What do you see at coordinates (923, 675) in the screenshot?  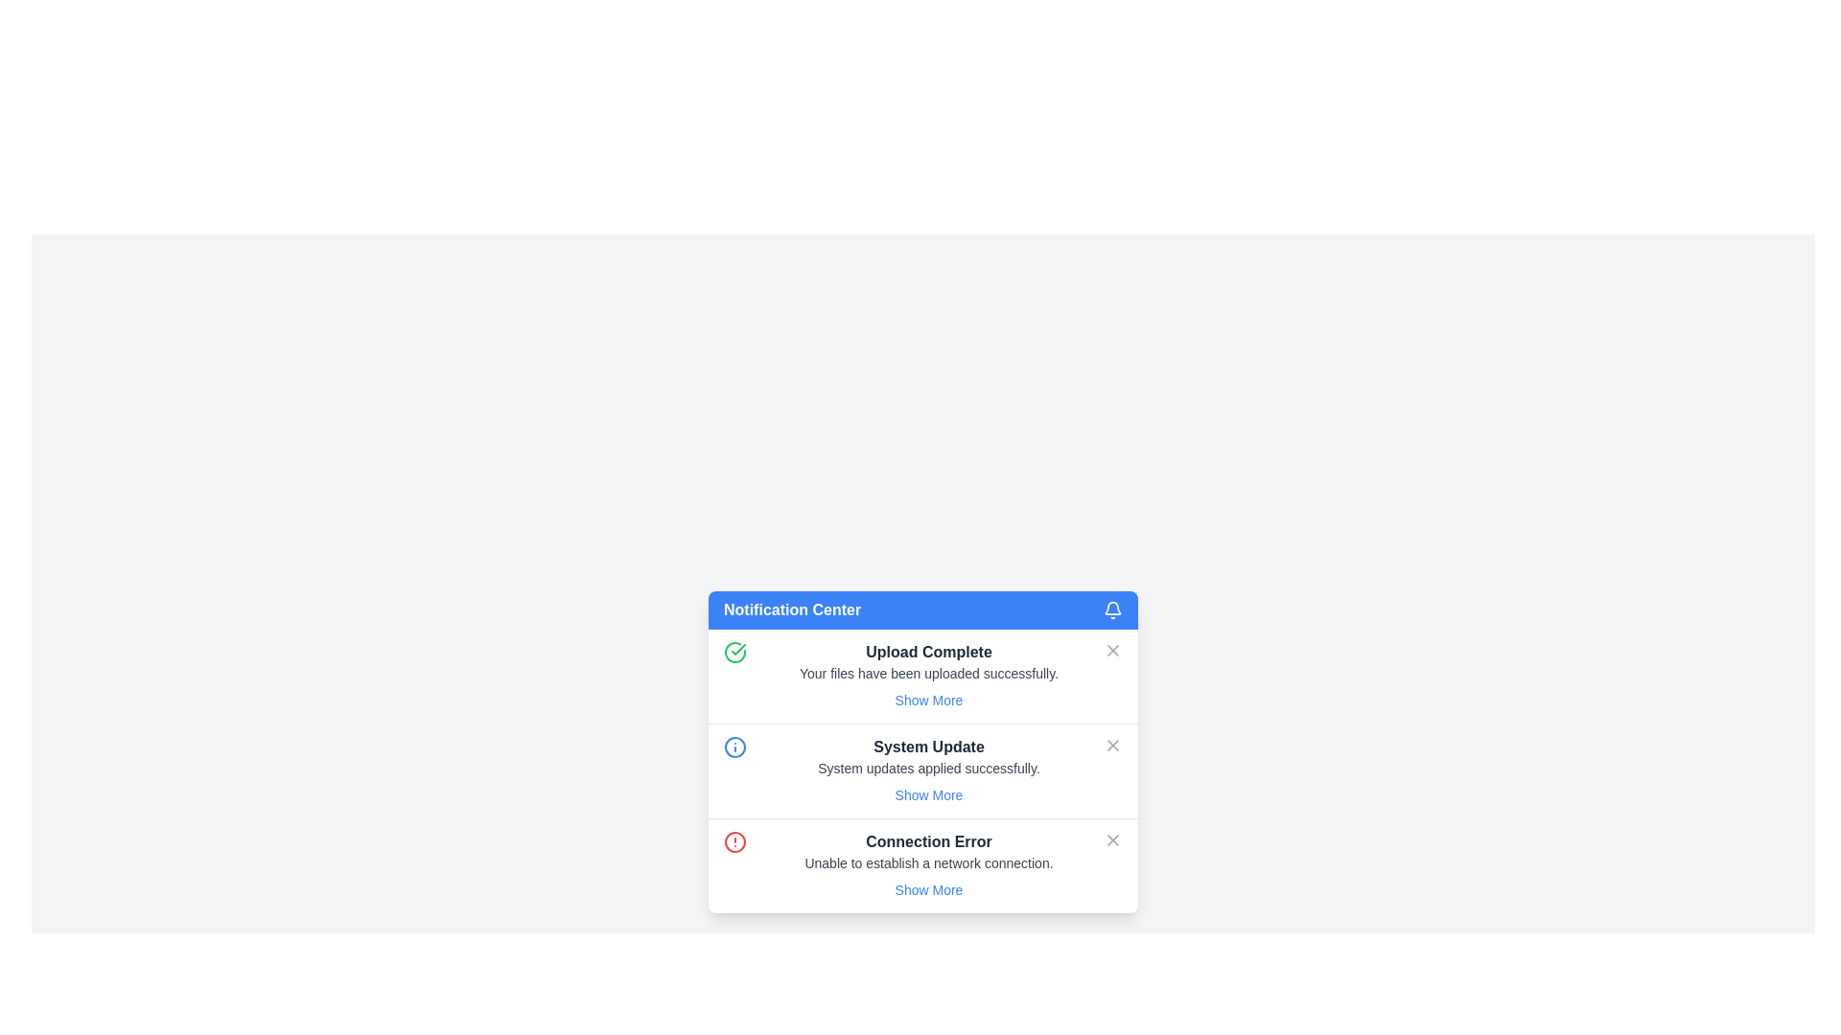 I see `the first notification card in the Notification Center, which features a green circular icon with a checkmark, the title 'Upload Complete', and a 'Show More' link at the bottom` at bounding box center [923, 675].